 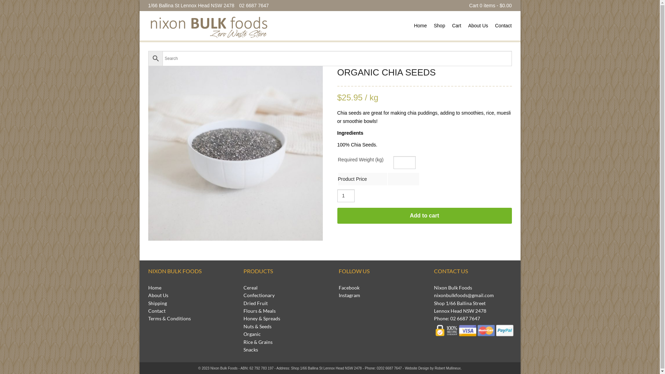 I want to click on 'Cereal', so click(x=250, y=287).